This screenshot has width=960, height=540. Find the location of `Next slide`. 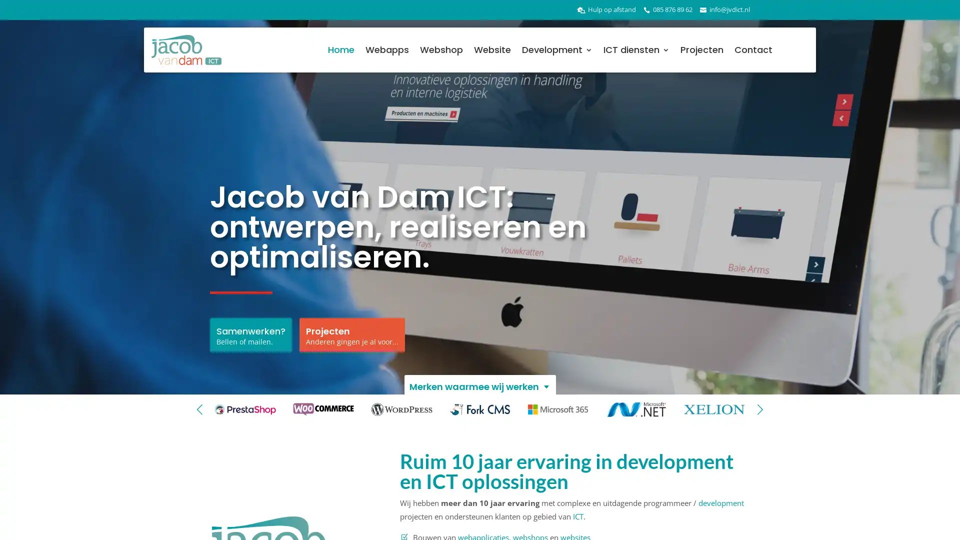

Next slide is located at coordinates (760, 409).